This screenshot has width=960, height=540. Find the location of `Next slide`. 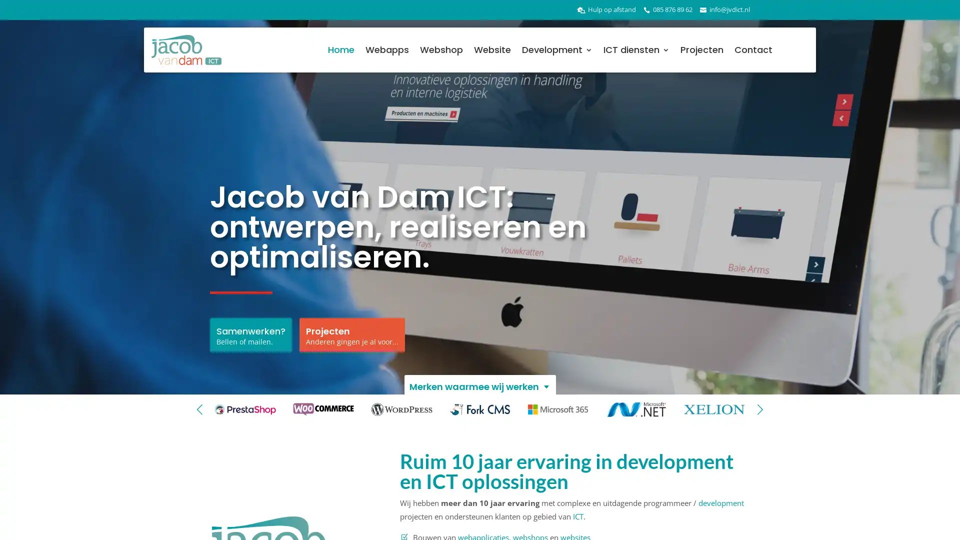

Next slide is located at coordinates (760, 409).